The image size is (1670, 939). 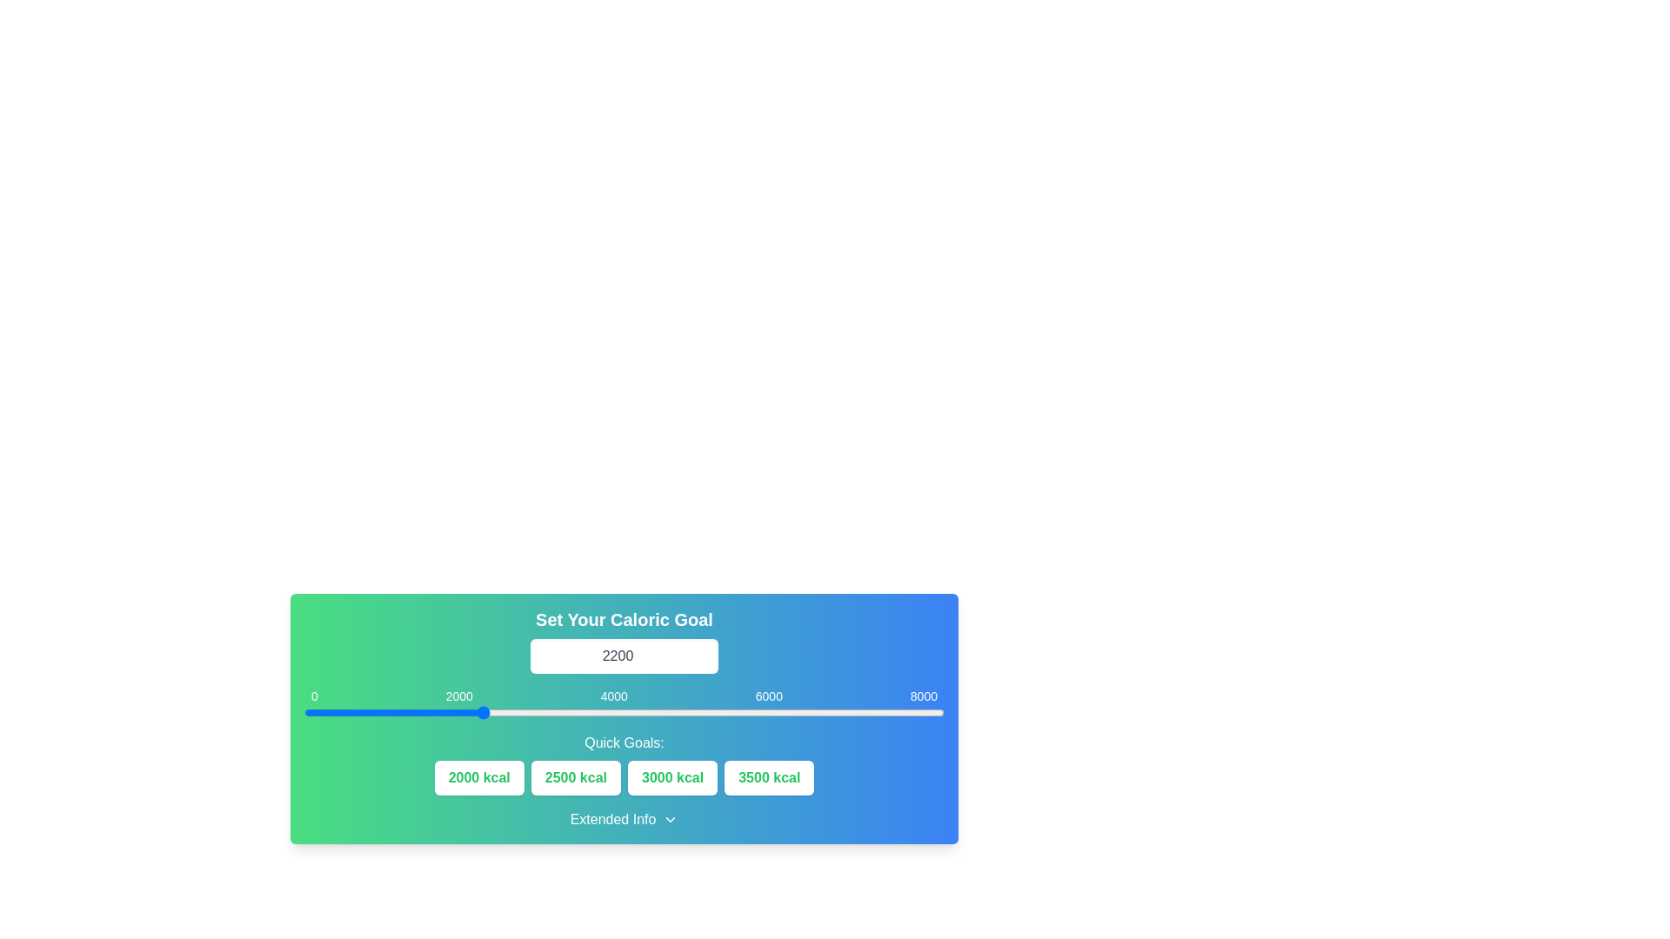 What do you see at coordinates (459, 696) in the screenshot?
I see `numeric text label displaying the value '2000', which is styled with white text on a gradient background and positioned between '0' and '4000' below a slider` at bounding box center [459, 696].